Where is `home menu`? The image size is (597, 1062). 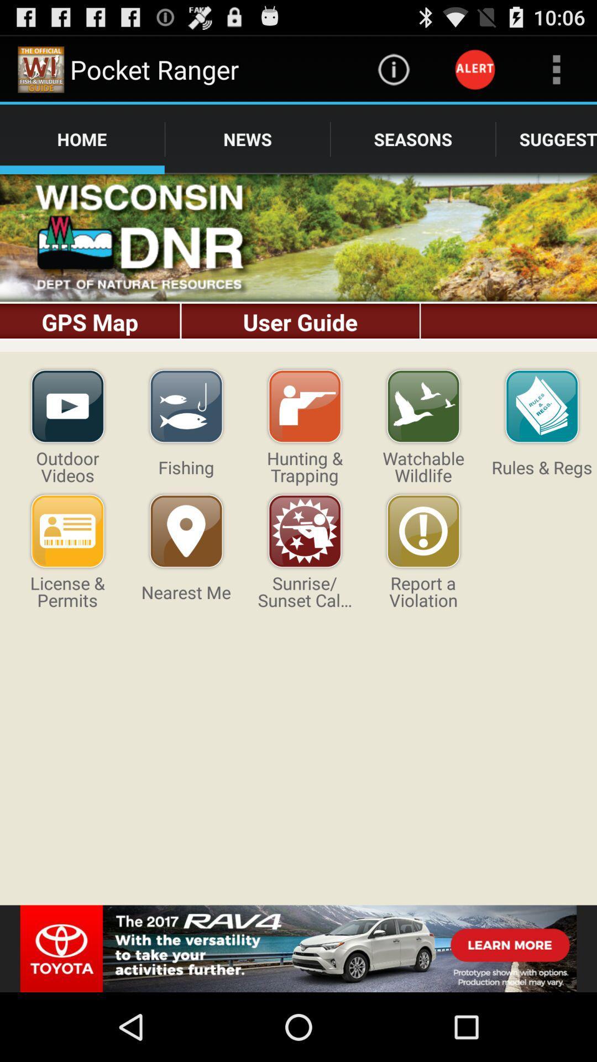 home menu is located at coordinates (298, 262).